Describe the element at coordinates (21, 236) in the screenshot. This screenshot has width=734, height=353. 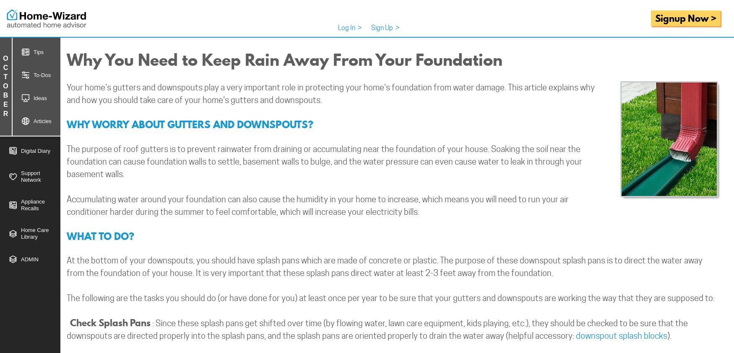
I see `'Library'` at that location.